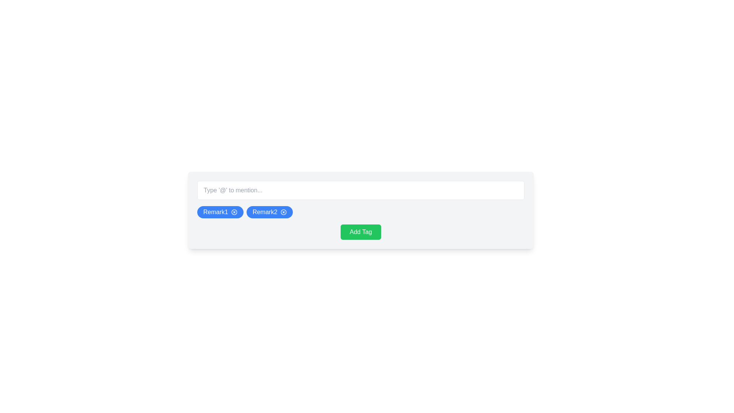 The height and width of the screenshot is (413, 734). What do you see at coordinates (283, 212) in the screenshot?
I see `the close icon represented by an 'X' within the SVG format` at bounding box center [283, 212].